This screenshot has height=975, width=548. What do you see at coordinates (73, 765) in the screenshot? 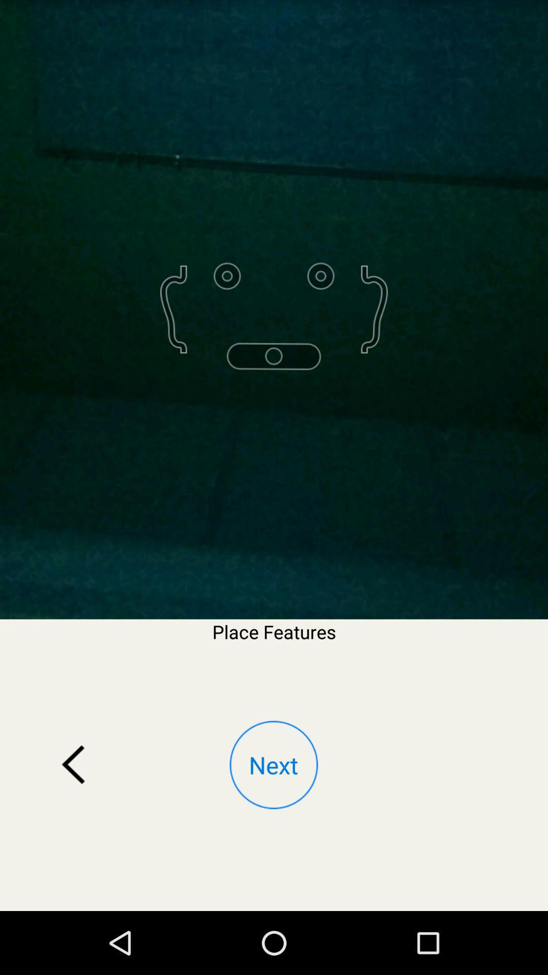
I see `the app below the place features item` at bounding box center [73, 765].